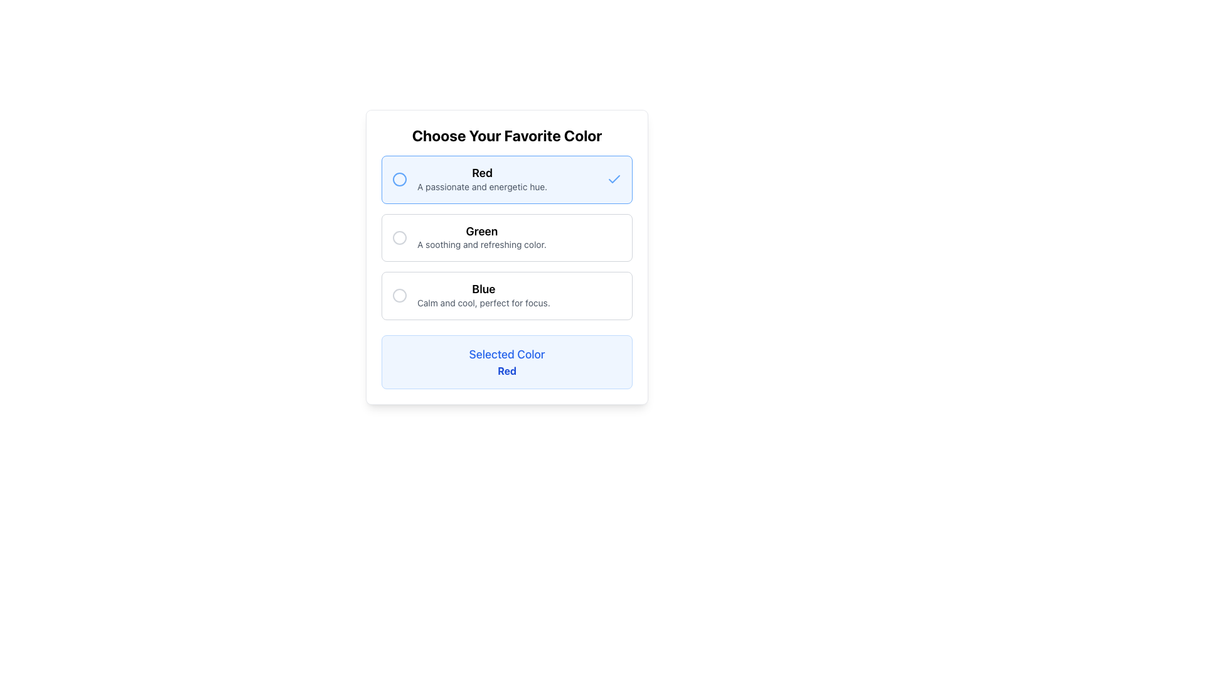  I want to click on the text block displaying the word 'Blue' in bold, which is part of a list of options including 'Red' and 'Green', so click(483, 296).